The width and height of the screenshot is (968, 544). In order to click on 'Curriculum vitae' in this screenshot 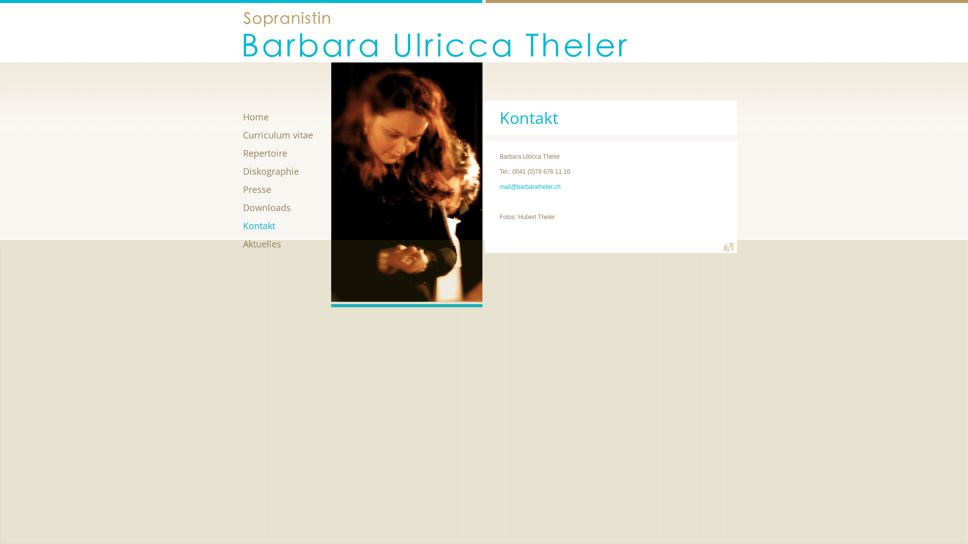, I will do `click(286, 134)`.